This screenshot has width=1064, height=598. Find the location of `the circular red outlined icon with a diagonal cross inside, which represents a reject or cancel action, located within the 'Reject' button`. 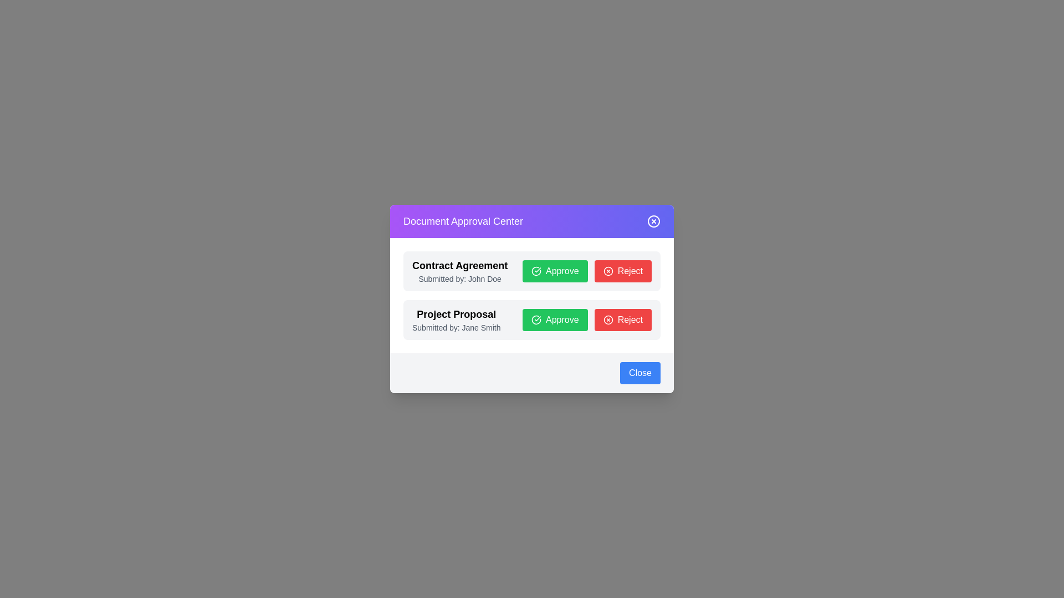

the circular red outlined icon with a diagonal cross inside, which represents a reject or cancel action, located within the 'Reject' button is located at coordinates (607, 271).